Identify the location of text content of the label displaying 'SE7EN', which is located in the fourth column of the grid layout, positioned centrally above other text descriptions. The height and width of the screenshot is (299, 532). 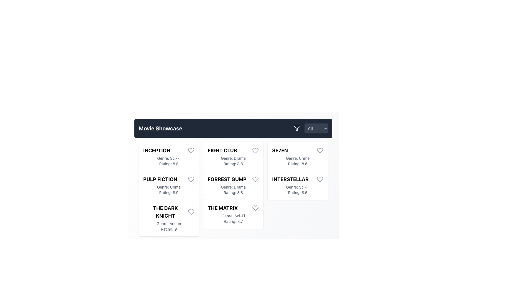
(280, 150).